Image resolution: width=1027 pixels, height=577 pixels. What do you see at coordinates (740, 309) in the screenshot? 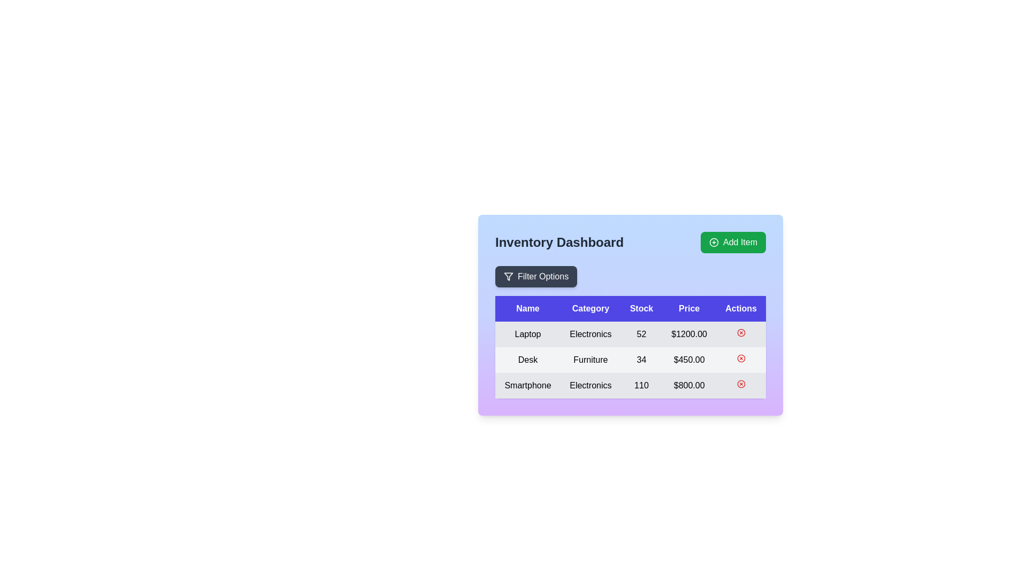
I see `the 'Actions' label element, which is the fifth header in the table row styled in white text on a blue background` at bounding box center [740, 309].